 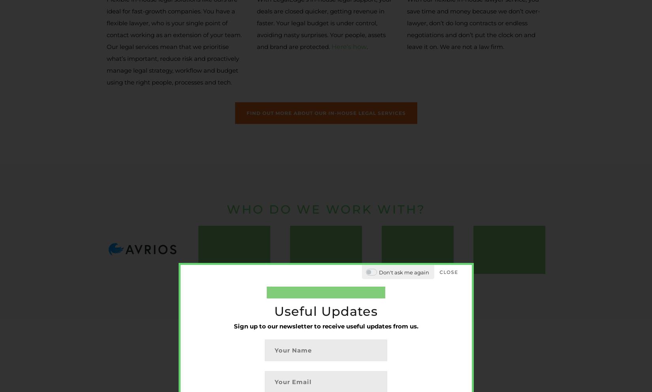 What do you see at coordinates (262, 296) in the screenshot?
I see `'Blog'` at bounding box center [262, 296].